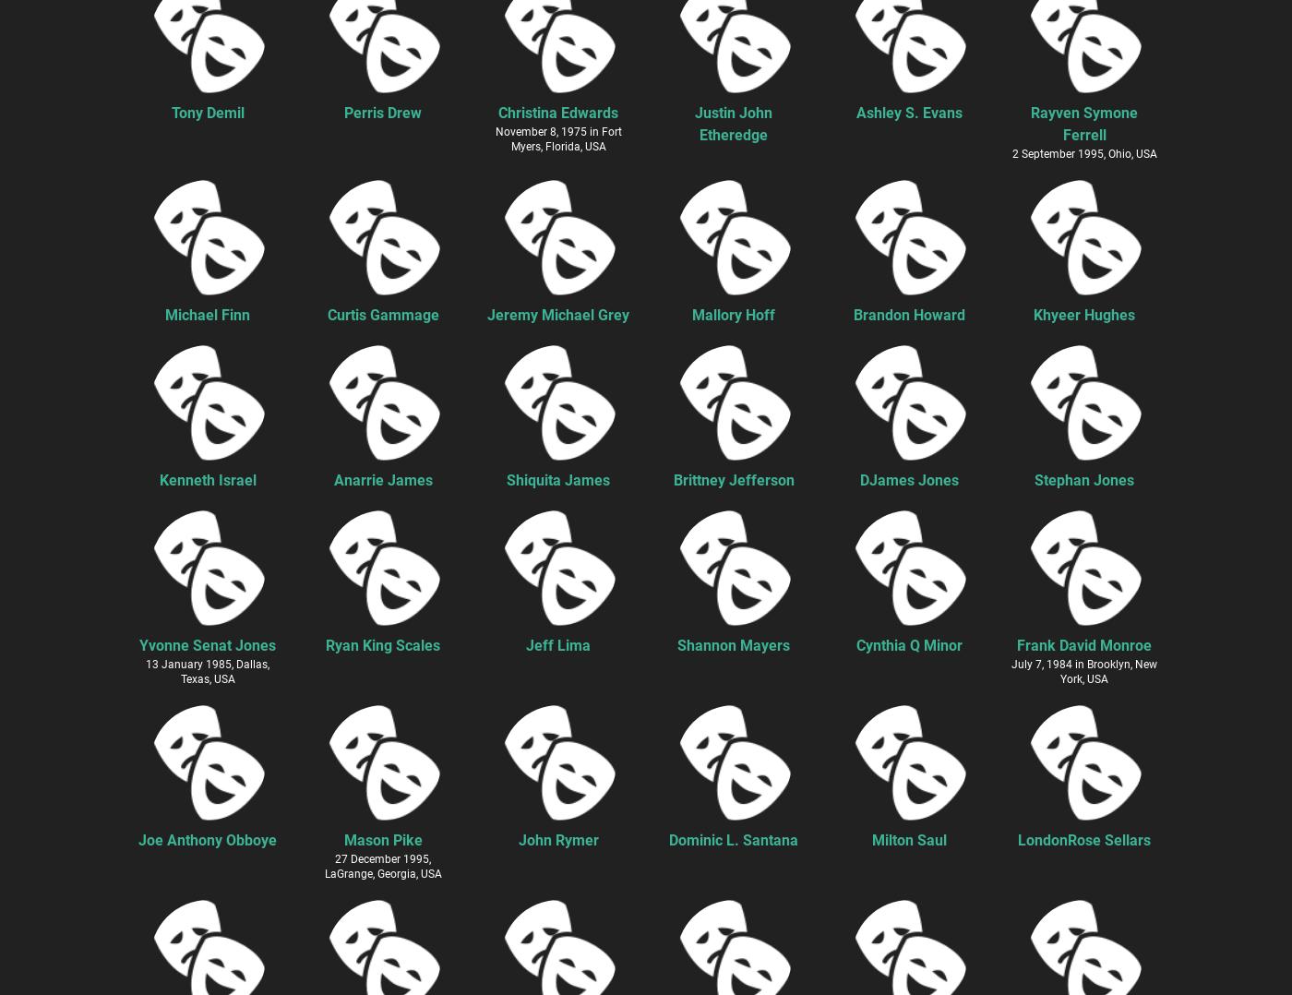 The width and height of the screenshot is (1292, 995). I want to click on 'Jeremy Michael Grey', so click(557, 313).